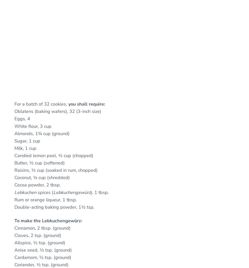 This screenshot has width=249, height=268. Describe the element at coordinates (14, 119) in the screenshot. I see `'Eggs, 4'` at that location.